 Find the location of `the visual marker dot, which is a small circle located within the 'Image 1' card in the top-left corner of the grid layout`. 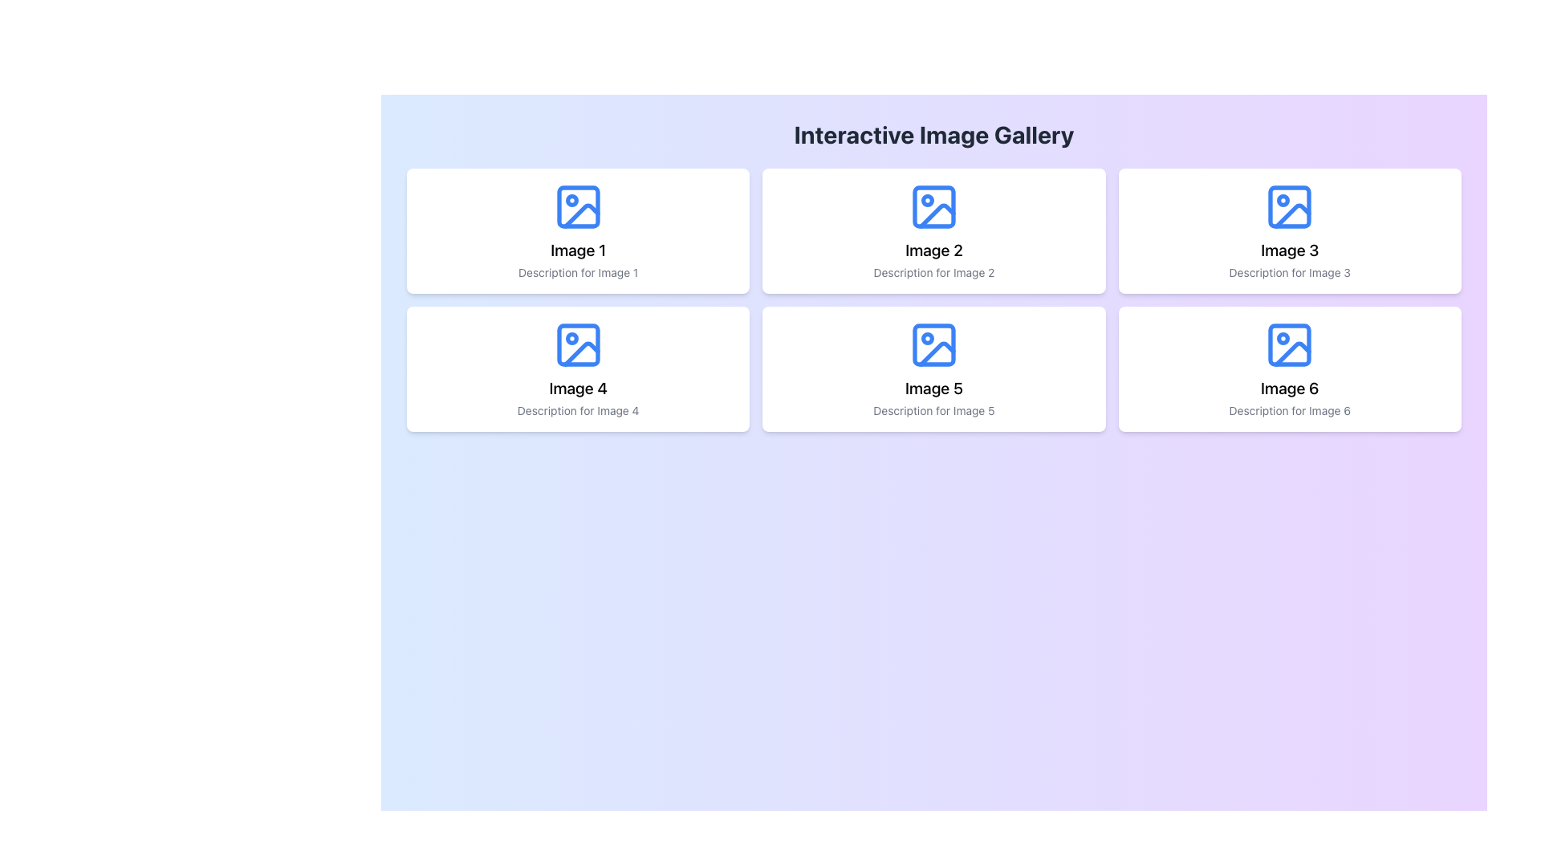

the visual marker dot, which is a small circle located within the 'Image 1' card in the top-left corner of the grid layout is located at coordinates (571, 200).